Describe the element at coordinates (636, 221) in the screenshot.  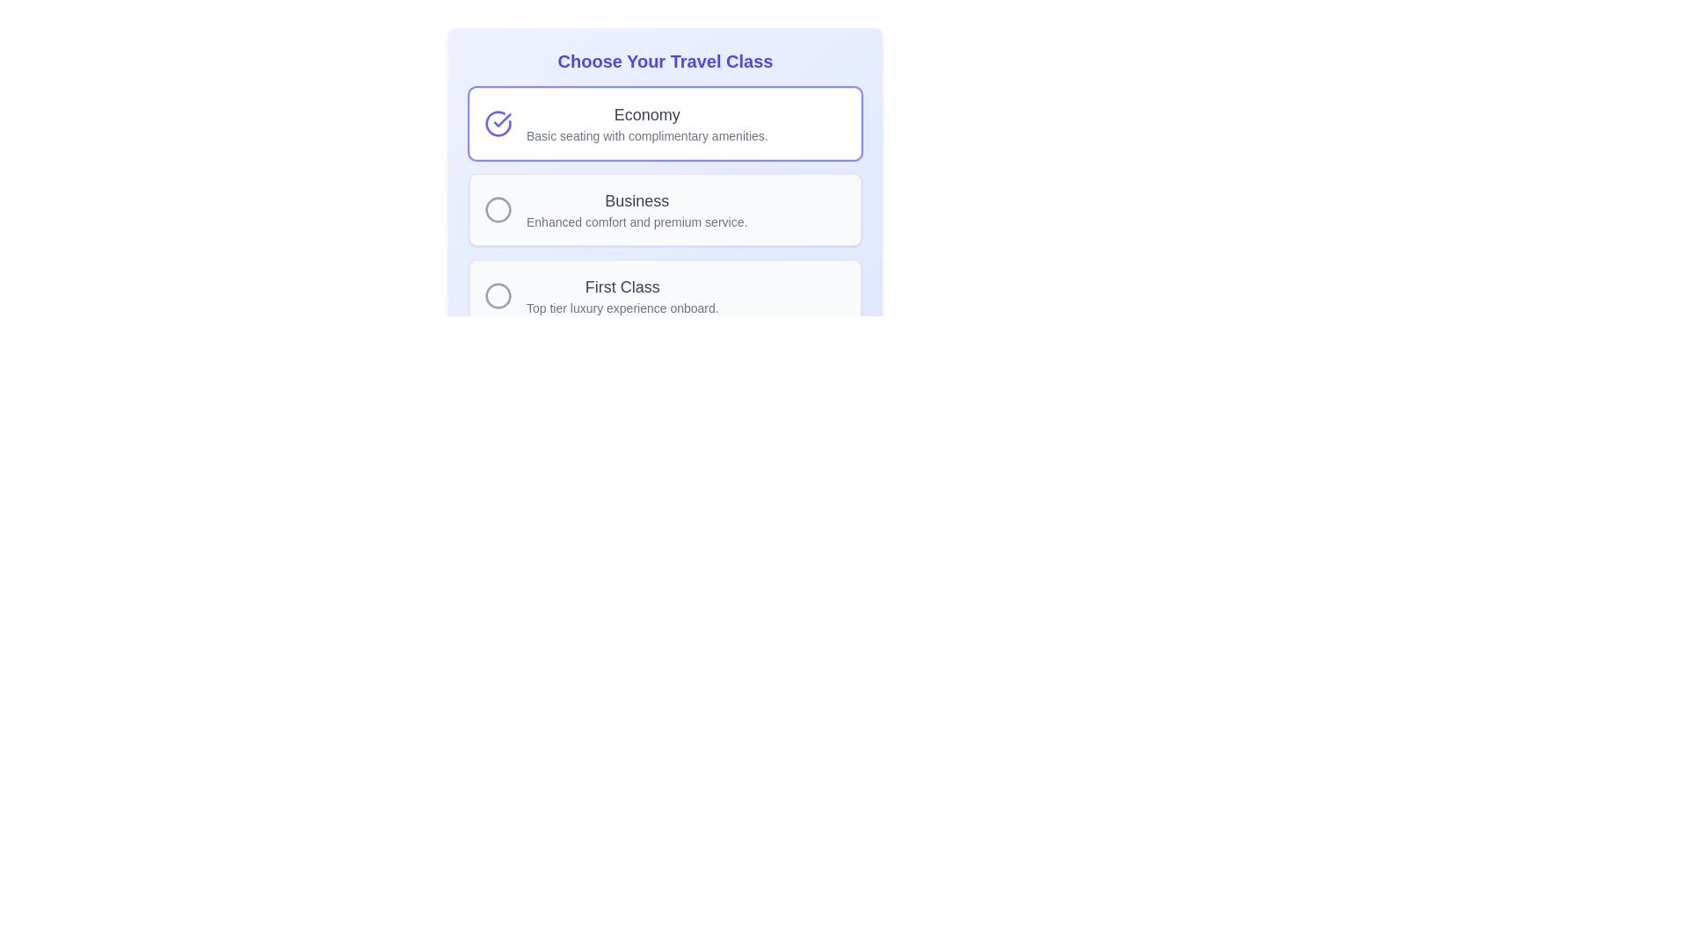
I see `the text label that provides detailed information about the benefits associated with the 'Business' option in the selection menu, positioned directly below the 'Business' heading` at that location.